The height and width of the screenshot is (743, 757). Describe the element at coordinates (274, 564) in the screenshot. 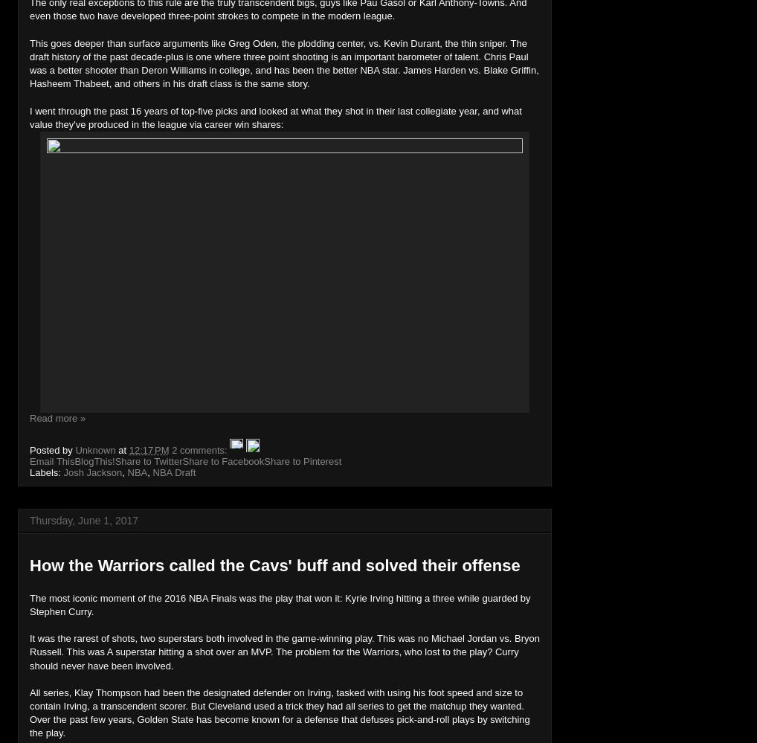

I see `'How the Warriors called the Cavs' buff and solved their offense'` at that location.